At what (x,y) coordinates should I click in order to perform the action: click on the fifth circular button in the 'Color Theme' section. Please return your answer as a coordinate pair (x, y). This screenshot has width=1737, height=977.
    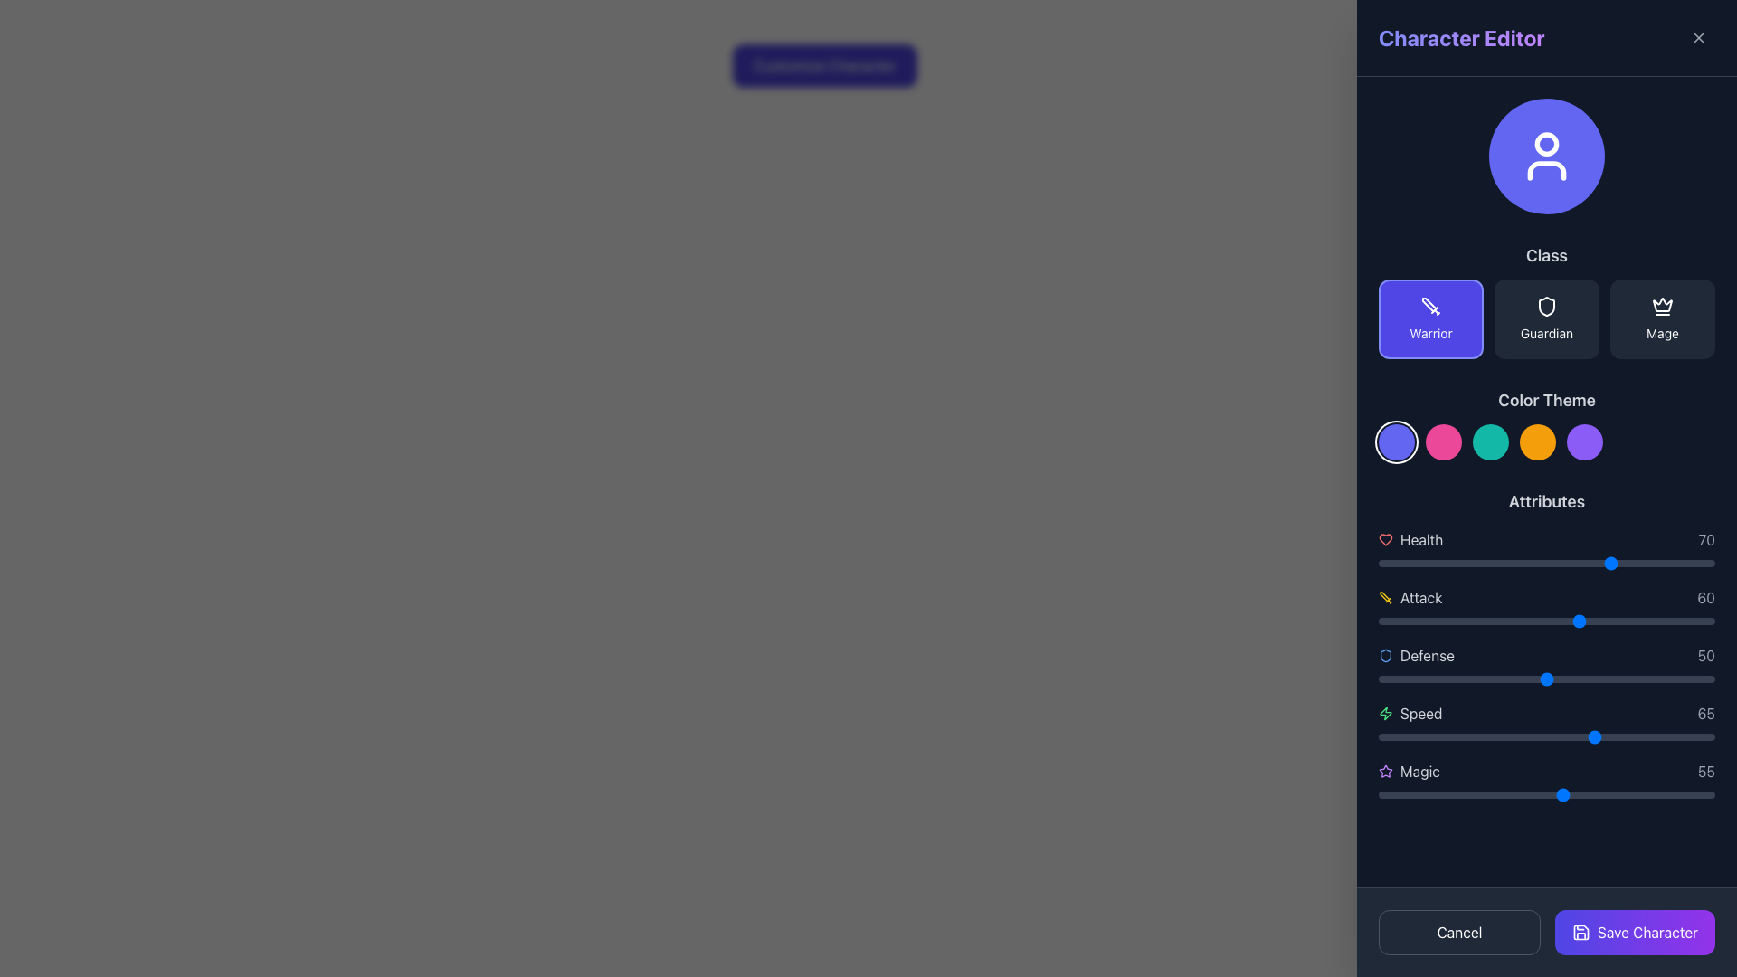
    Looking at the image, I should click on (1584, 442).